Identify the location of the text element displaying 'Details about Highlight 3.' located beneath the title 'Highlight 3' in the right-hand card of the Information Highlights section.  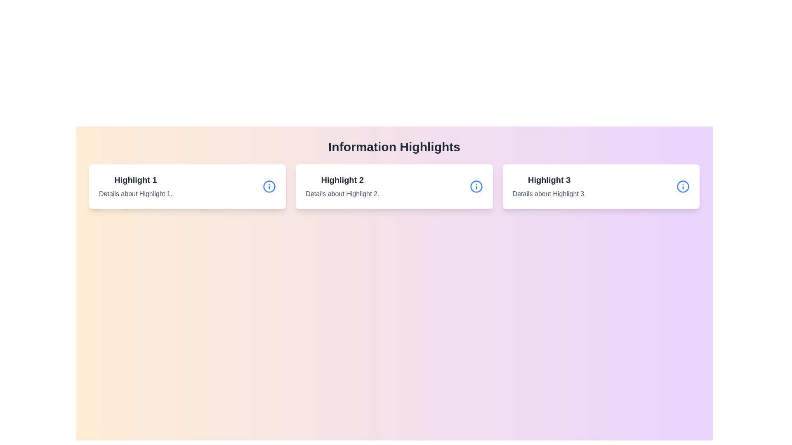
(549, 194).